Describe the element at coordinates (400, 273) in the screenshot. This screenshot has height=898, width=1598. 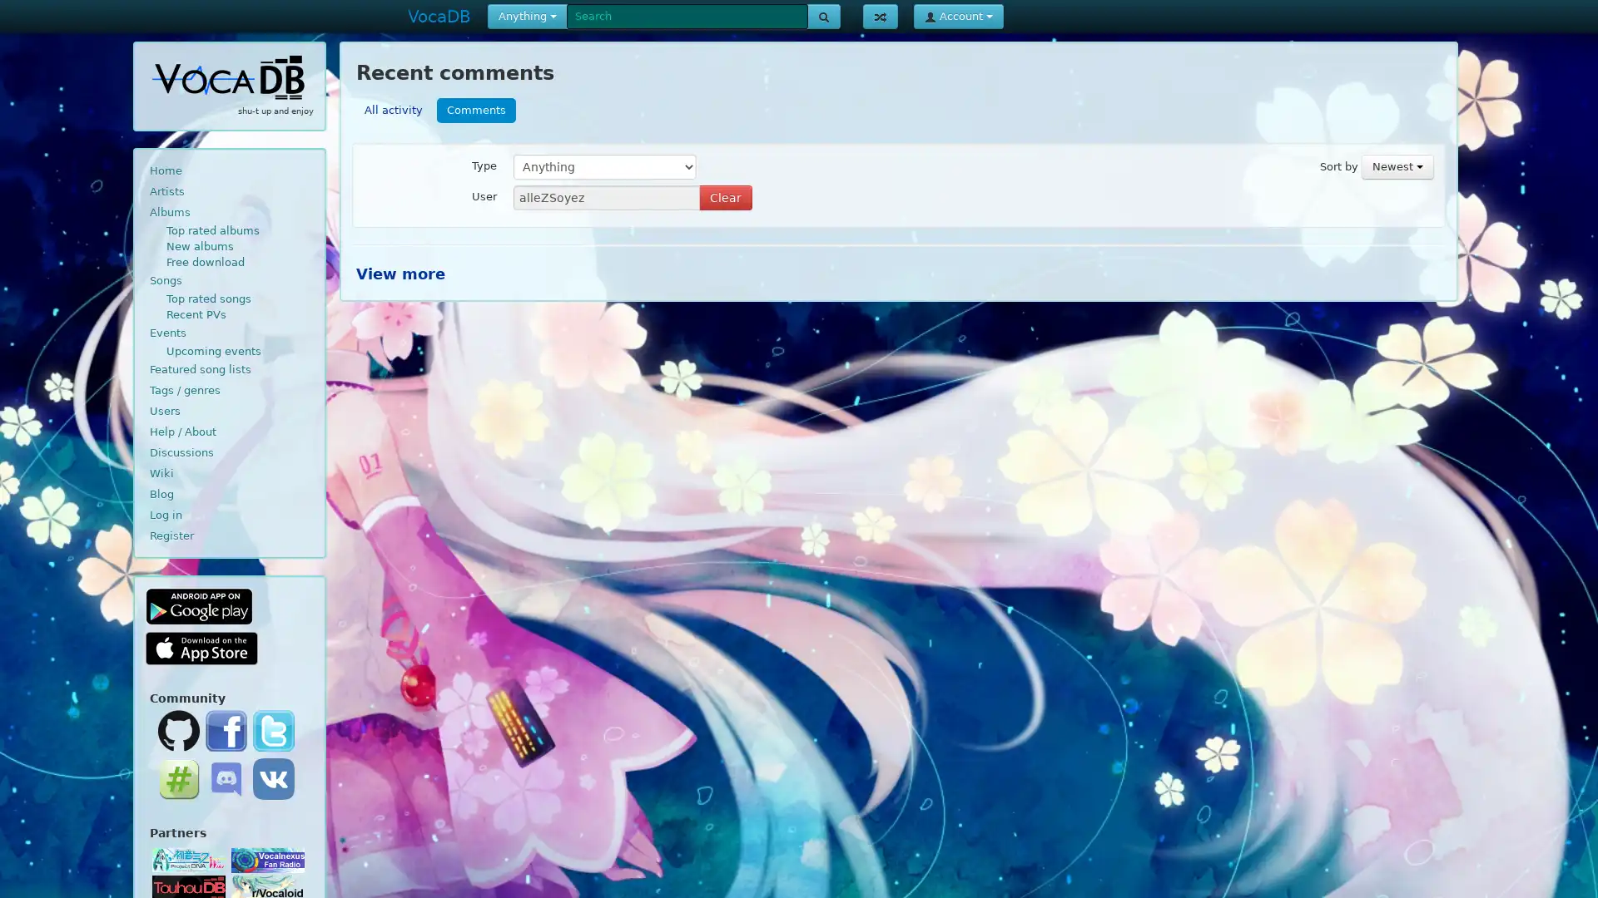
I see `View more` at that location.